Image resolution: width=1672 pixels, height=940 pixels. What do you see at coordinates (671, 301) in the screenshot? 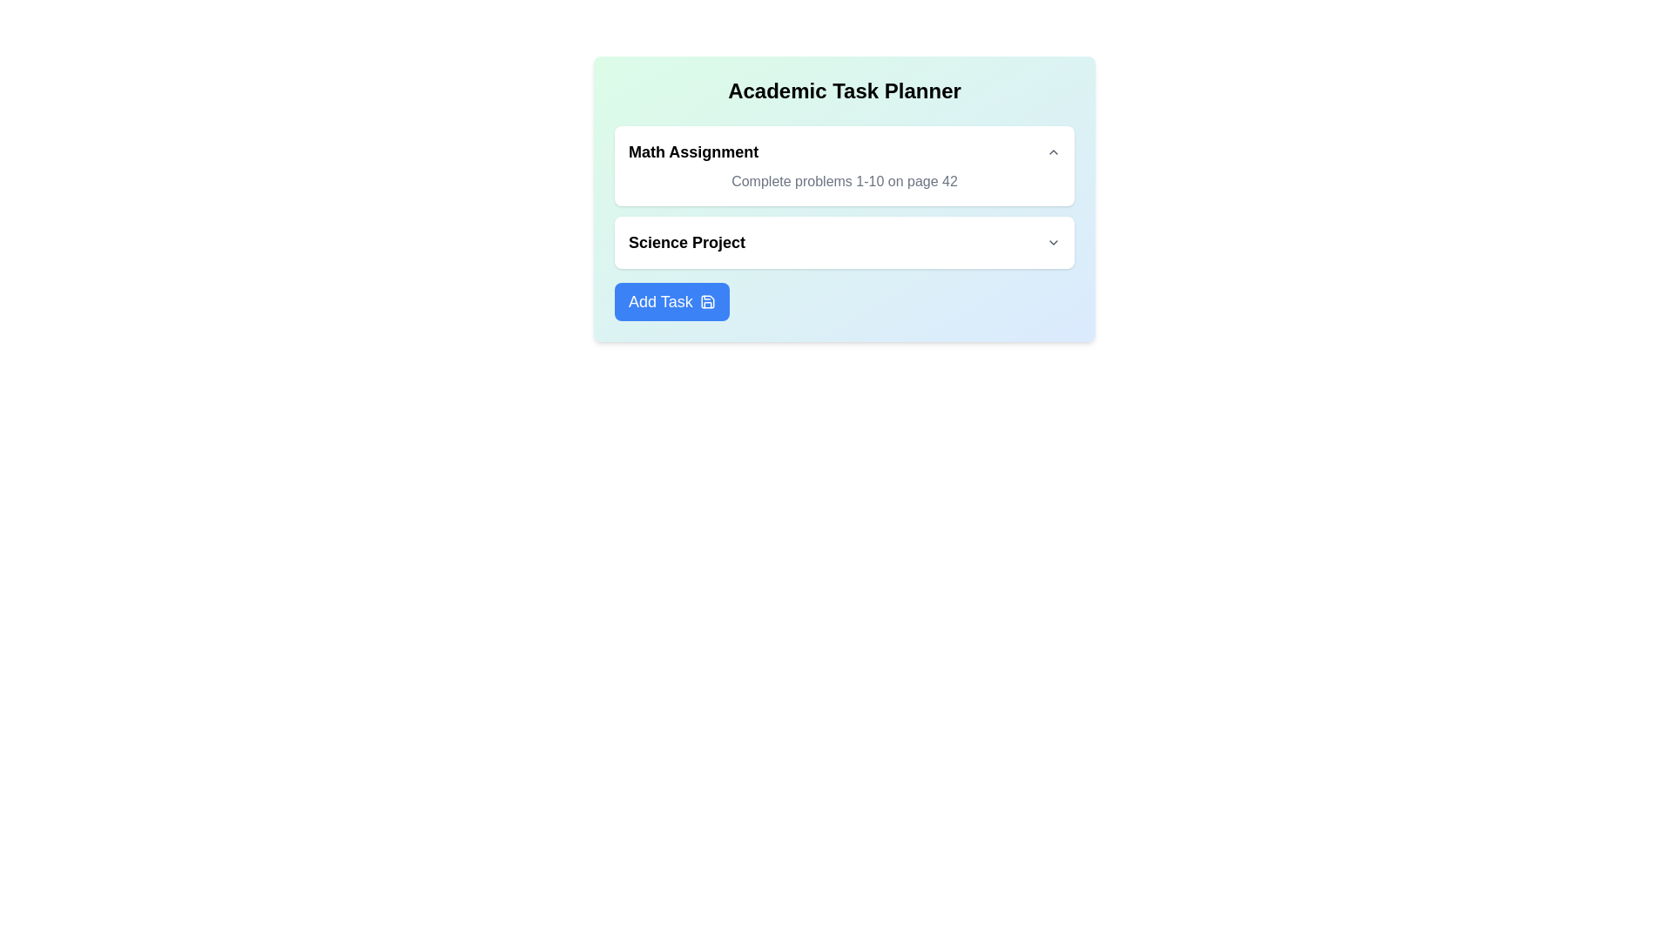
I see `the 'Add Task' button to add a new task` at bounding box center [671, 301].